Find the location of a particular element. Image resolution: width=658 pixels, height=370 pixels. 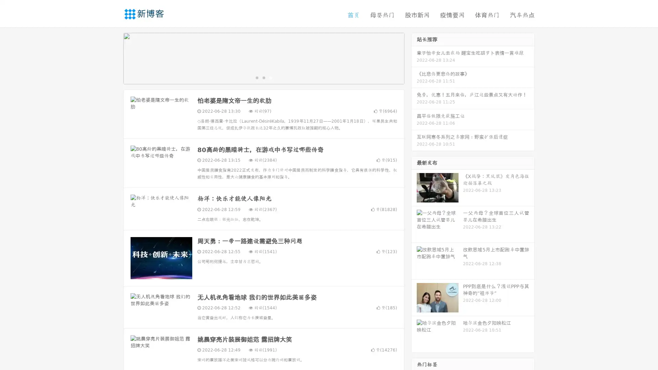

Previous slide is located at coordinates (113, 58).